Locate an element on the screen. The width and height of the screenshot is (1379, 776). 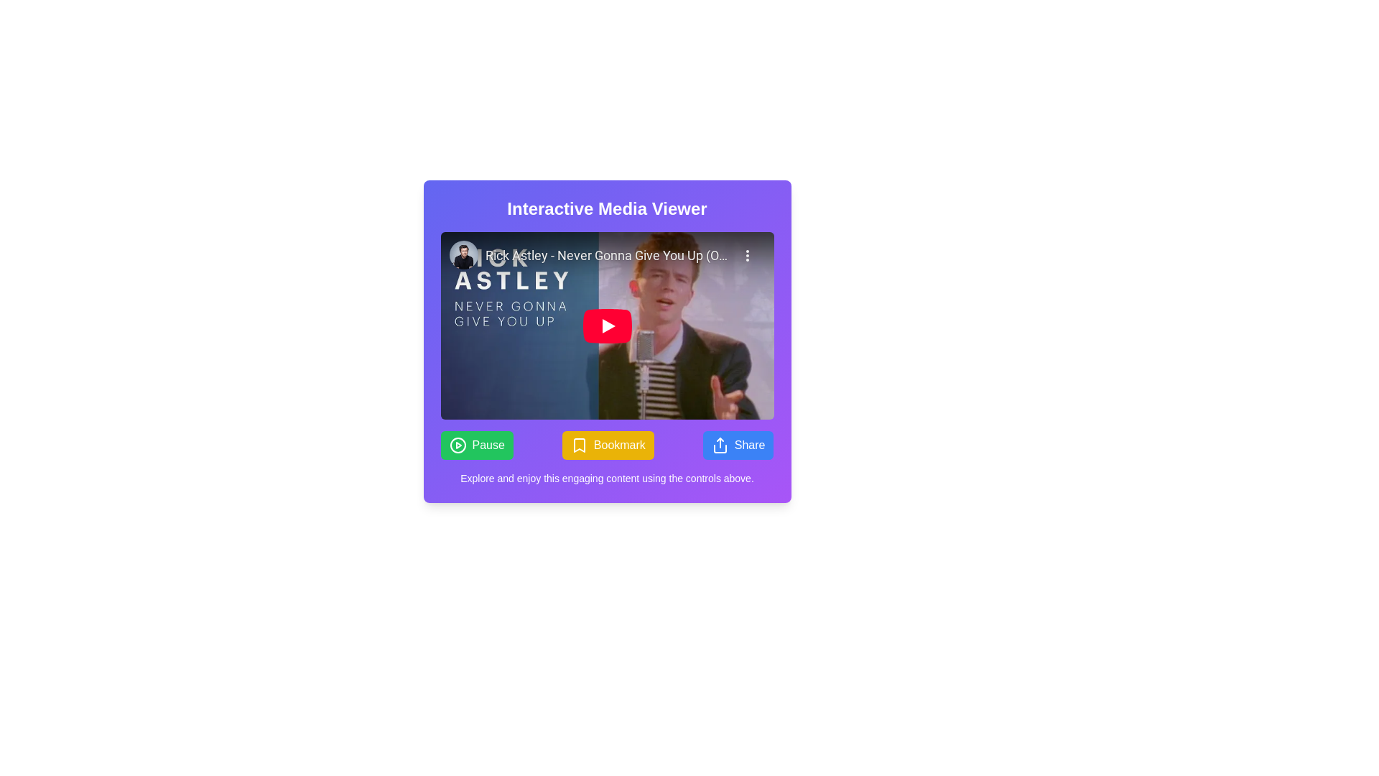
the yellow bookmark icon located at the bottom center of the interface is located at coordinates (579, 445).